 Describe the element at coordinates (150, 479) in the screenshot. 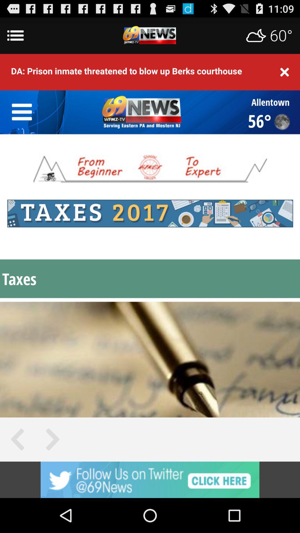

I see `option` at that location.